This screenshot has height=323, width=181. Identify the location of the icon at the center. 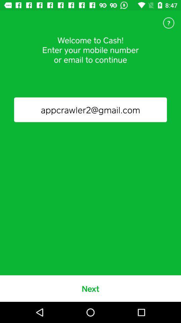
(90, 110).